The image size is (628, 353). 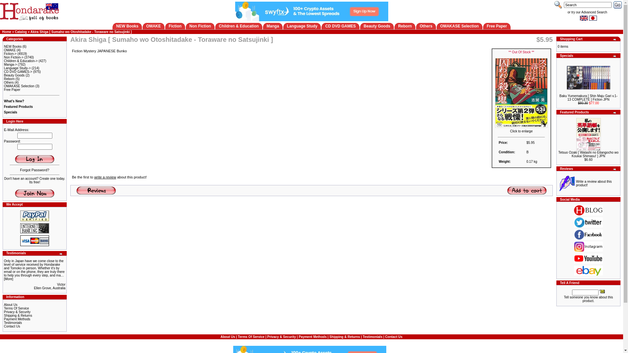 What do you see at coordinates (61, 253) in the screenshot?
I see `' more '` at bounding box center [61, 253].